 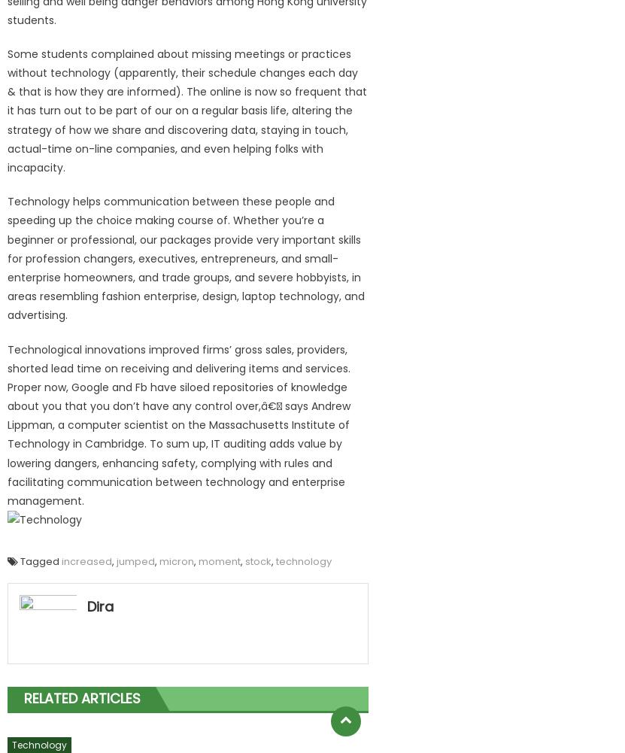 I want to click on 'Some students complained about missing meetings or practices without technology (apparently, their schedule changes each day & that is how they are informed). The online is now so frequent that it has turn out to be part of our on a regular basis life, altering the strategy of how we share and discovering data, staying in touch, actual-time on-line companies, and even helping folks with incapacity.', so click(x=186, y=111).